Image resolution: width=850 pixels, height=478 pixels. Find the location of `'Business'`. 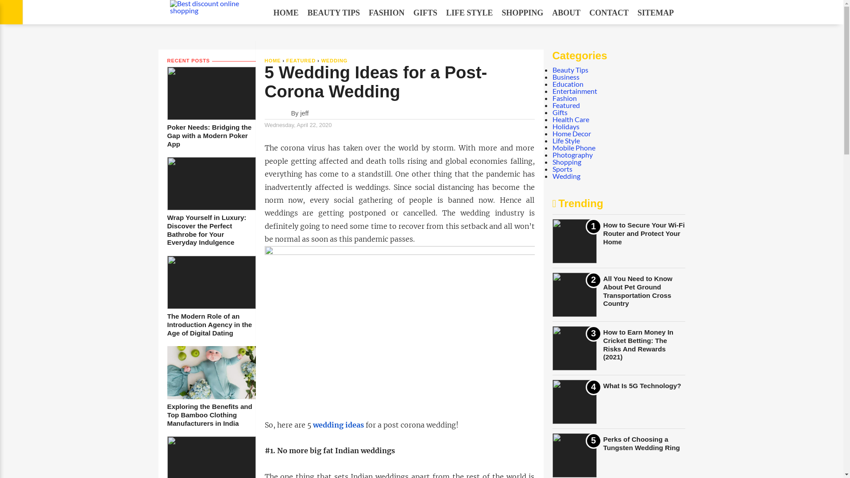

'Business' is located at coordinates (565, 76).